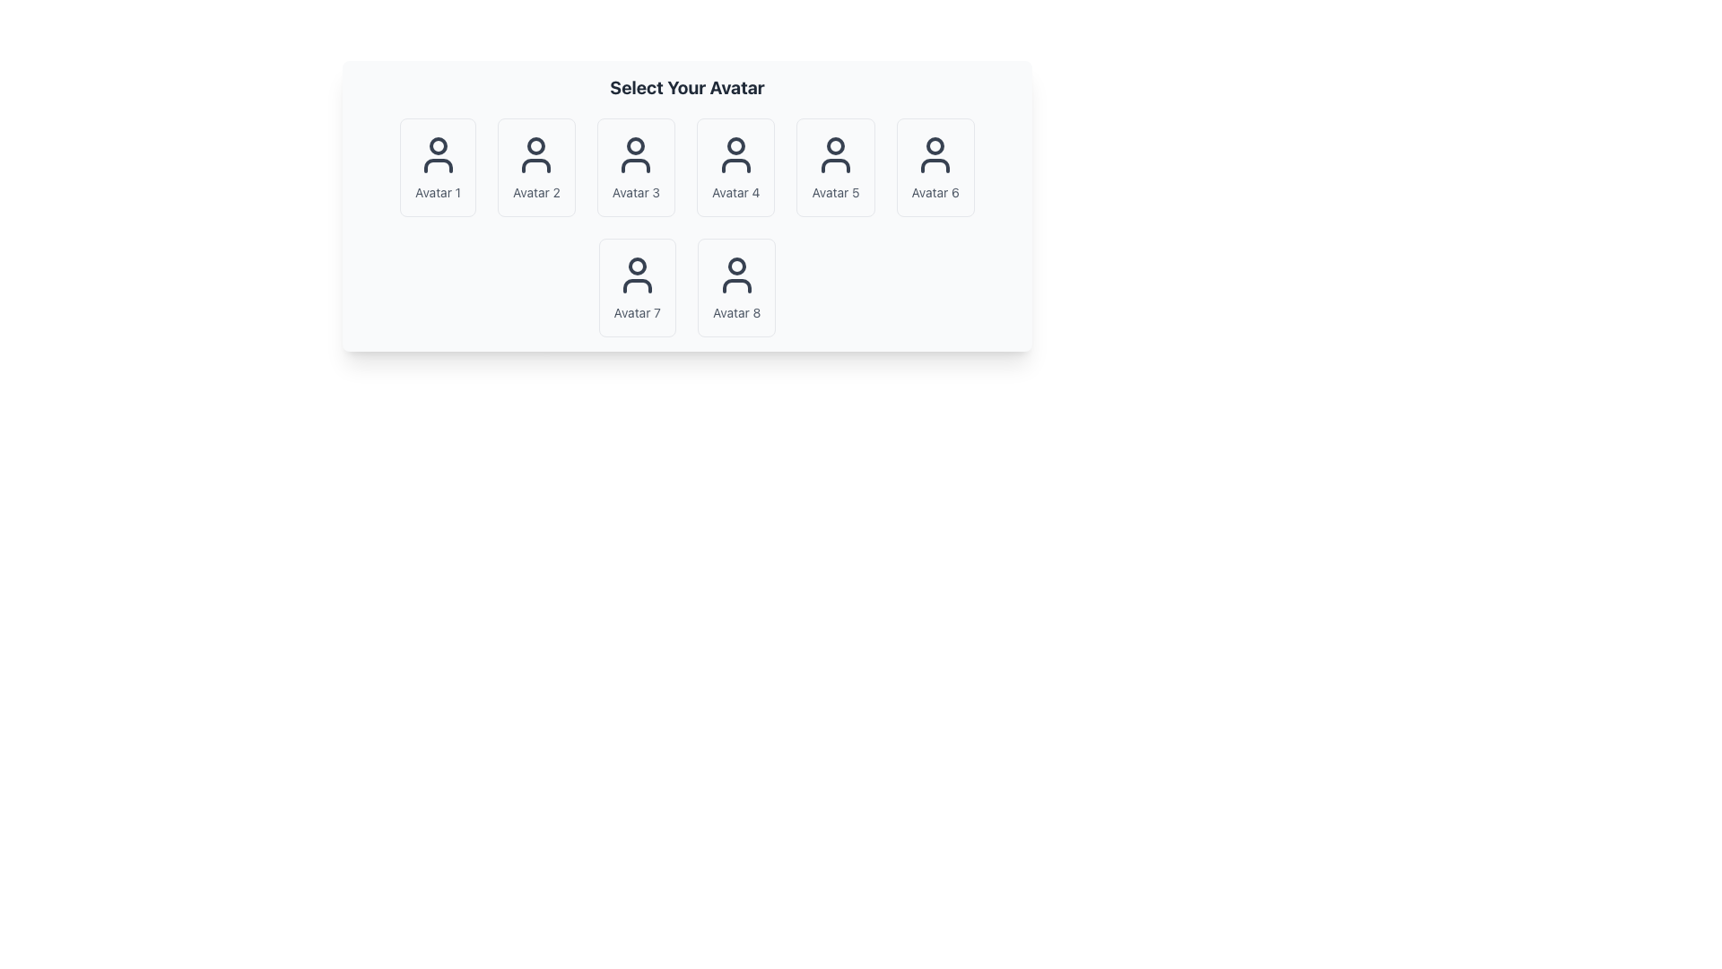  What do you see at coordinates (636, 154) in the screenshot?
I see `the central icon of 'Avatar 3'` at bounding box center [636, 154].